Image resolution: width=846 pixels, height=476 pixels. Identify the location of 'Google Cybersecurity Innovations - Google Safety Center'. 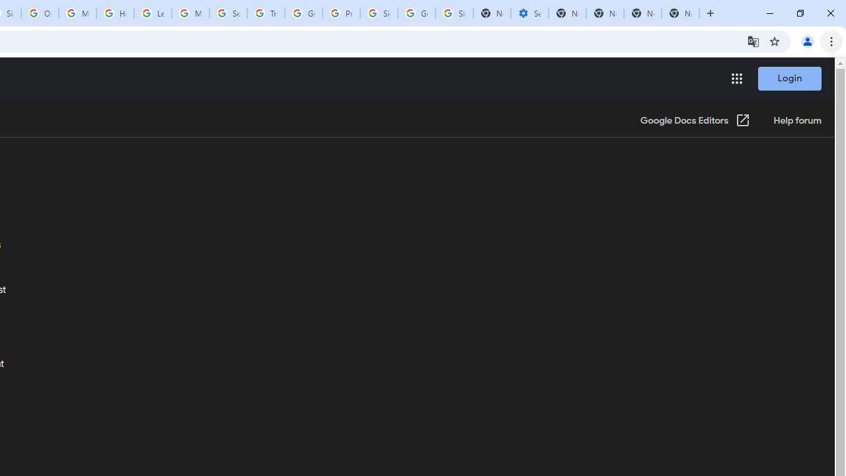
(416, 13).